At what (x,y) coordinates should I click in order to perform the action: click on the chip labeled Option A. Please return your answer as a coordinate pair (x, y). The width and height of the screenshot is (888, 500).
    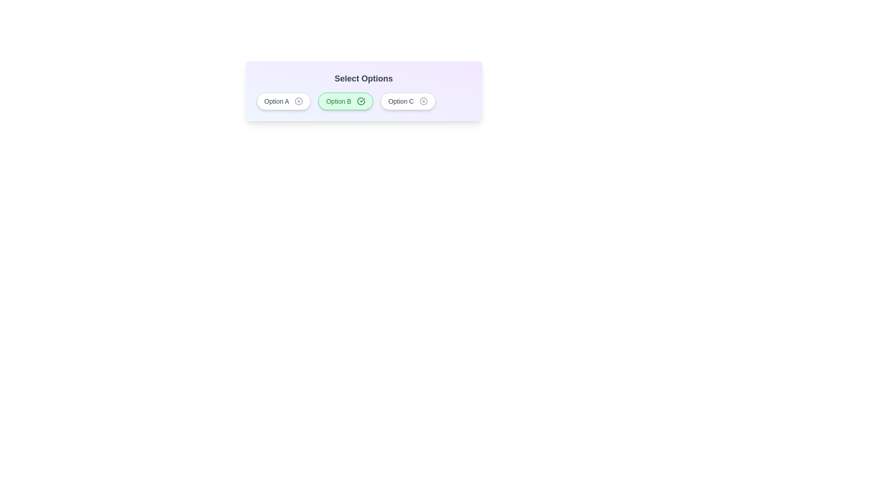
    Looking at the image, I should click on (283, 101).